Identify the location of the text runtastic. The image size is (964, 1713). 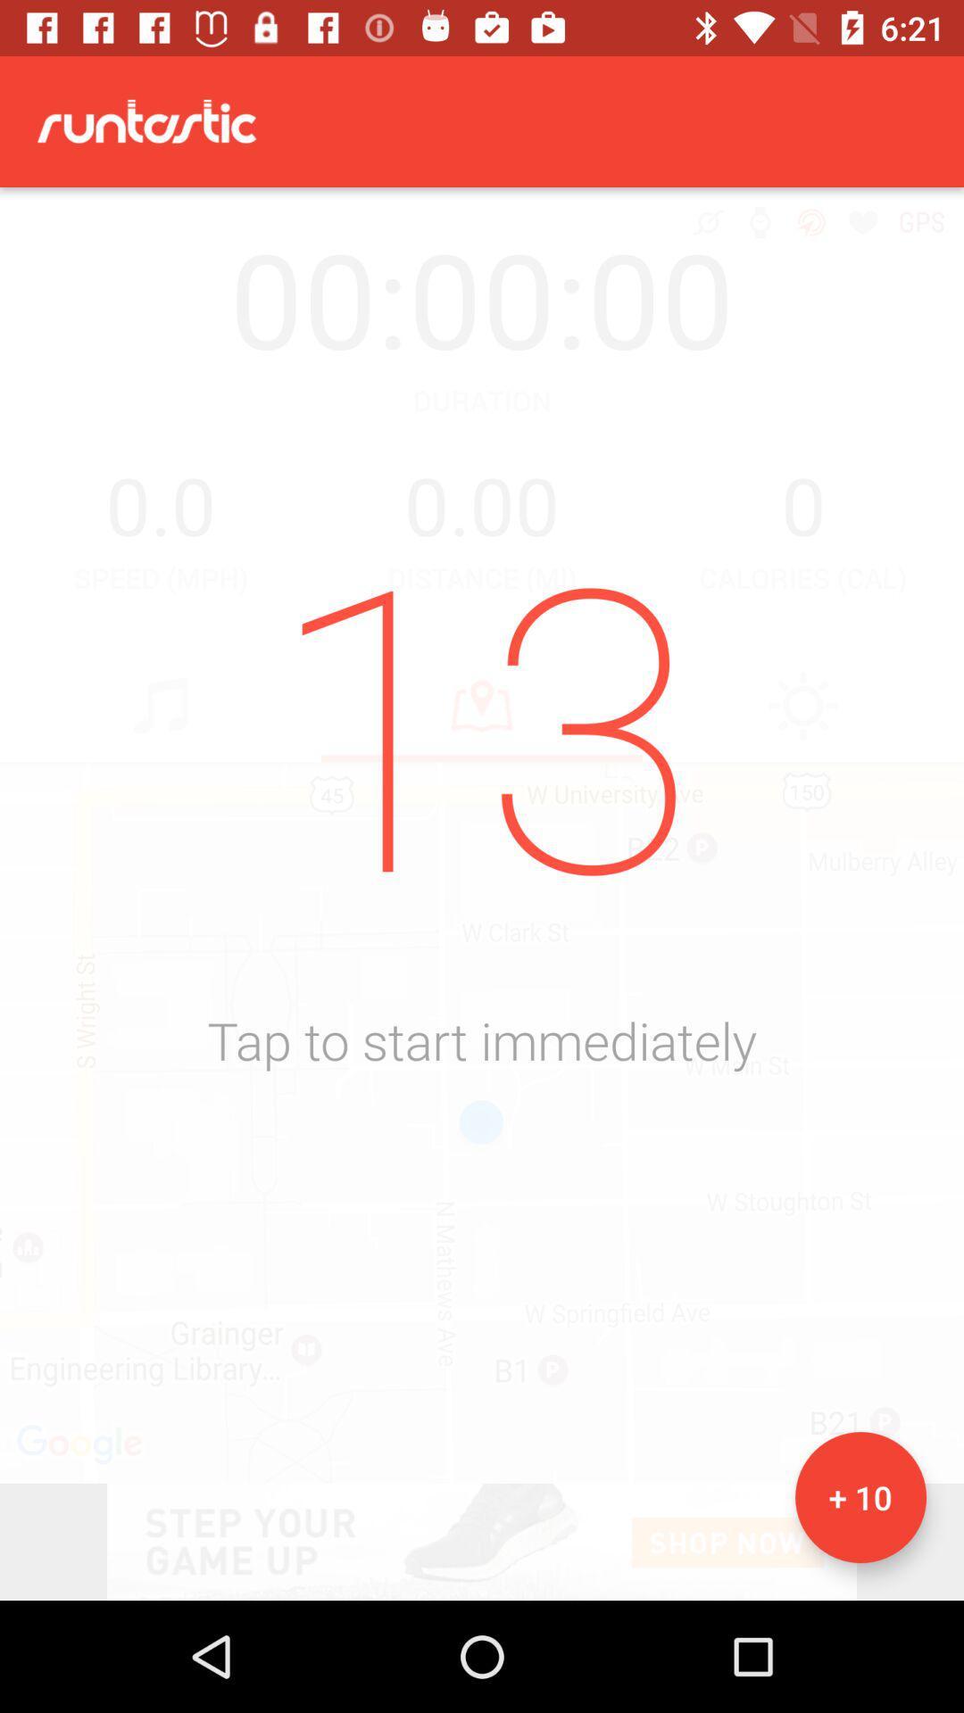
(145, 120).